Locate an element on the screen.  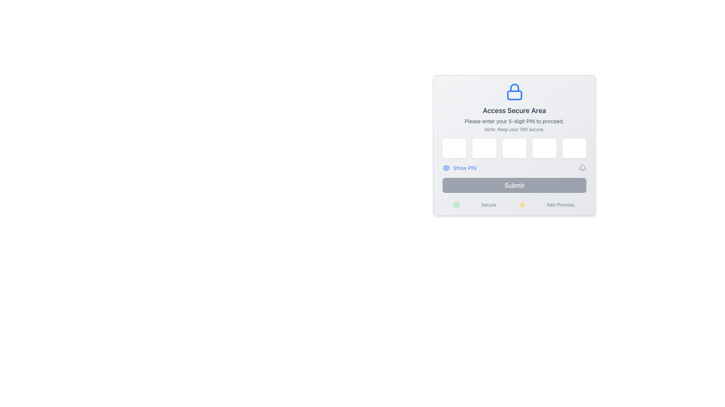
the static label displaying 'Fast Process.' which is the third text descriptor in a horizontal list beneath the main user form is located at coordinates (561, 205).